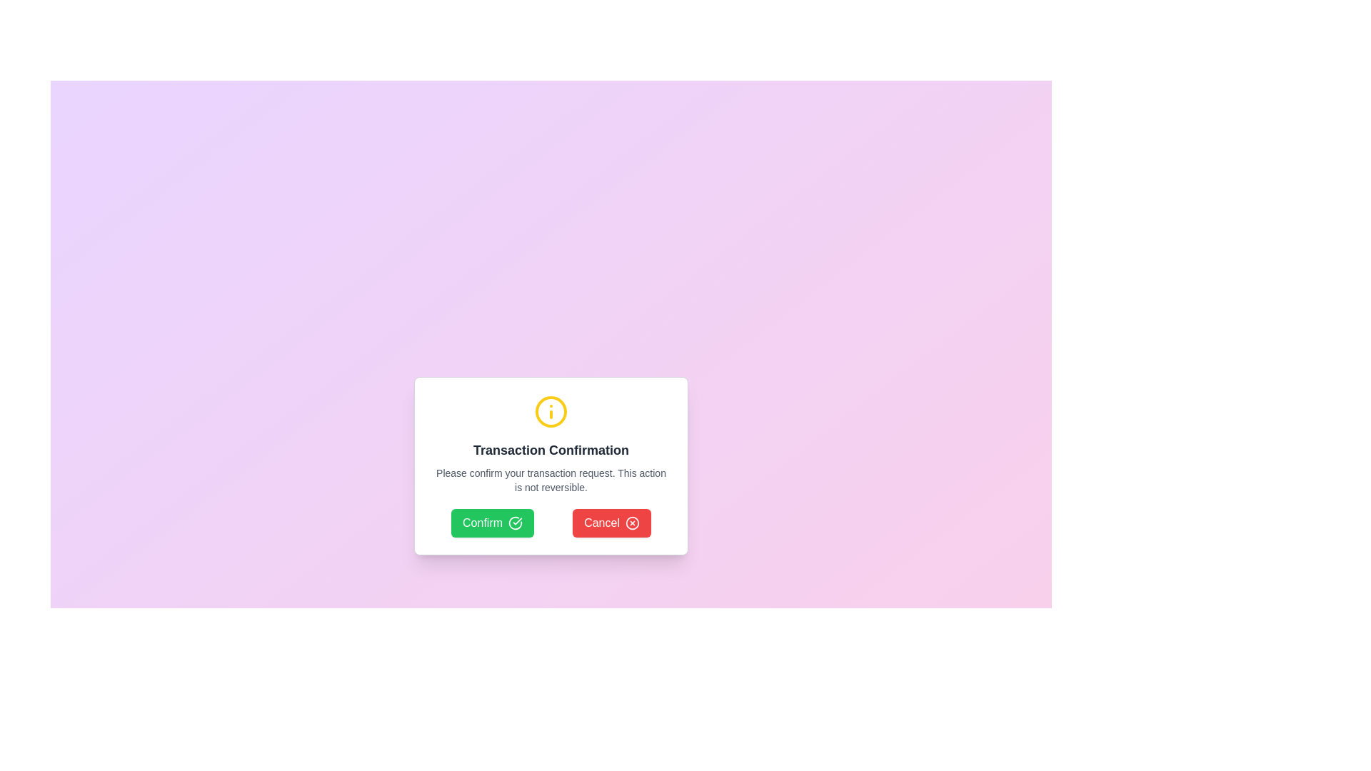 This screenshot has height=771, width=1371. Describe the element at coordinates (551, 412) in the screenshot. I see `attributes of the info icon element located at the top center of the confirmation modal by clicking on it` at that location.